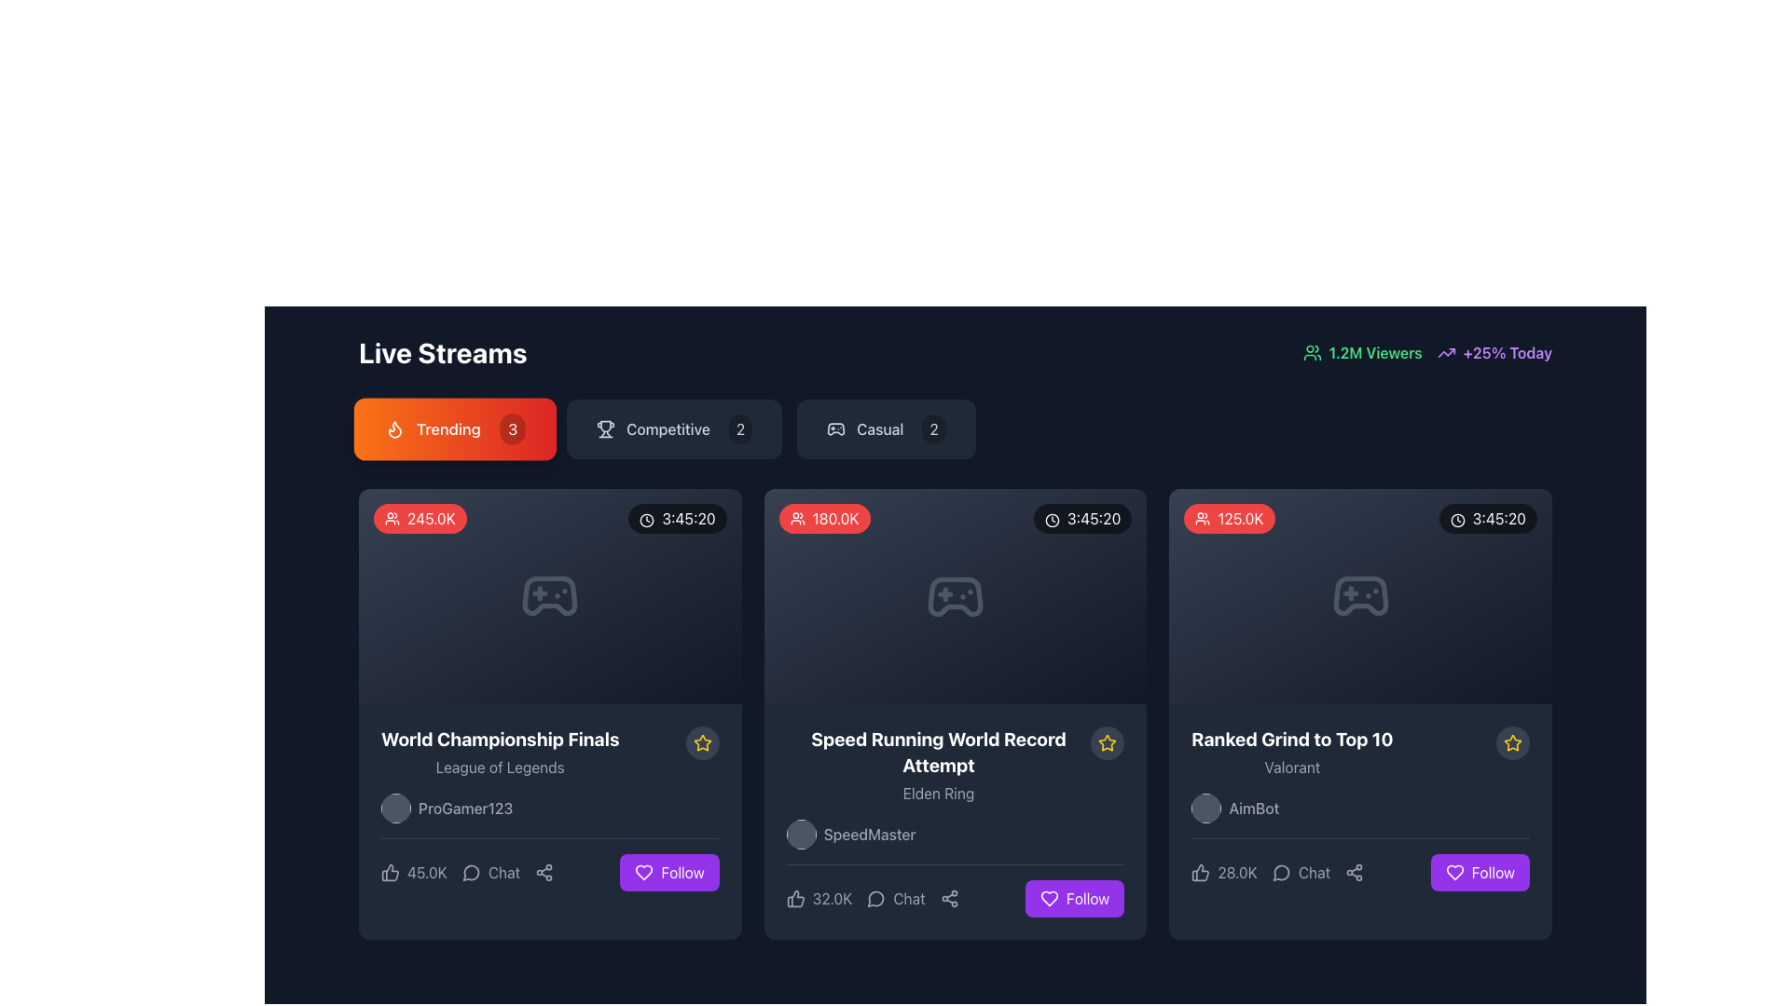 The image size is (1790, 1006). I want to click on the badge displaying the number '2' in white on a black background located in the 'Casual' section, so click(934, 429).